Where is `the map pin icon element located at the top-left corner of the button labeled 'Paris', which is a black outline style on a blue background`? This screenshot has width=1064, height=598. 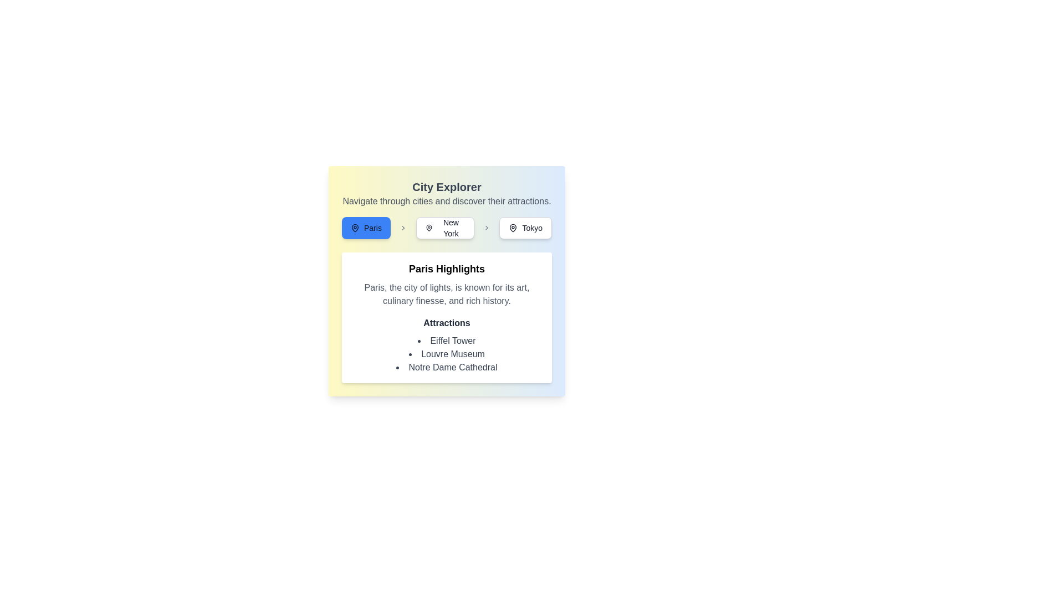 the map pin icon element located at the top-left corner of the button labeled 'Paris', which is a black outline style on a blue background is located at coordinates (355, 228).